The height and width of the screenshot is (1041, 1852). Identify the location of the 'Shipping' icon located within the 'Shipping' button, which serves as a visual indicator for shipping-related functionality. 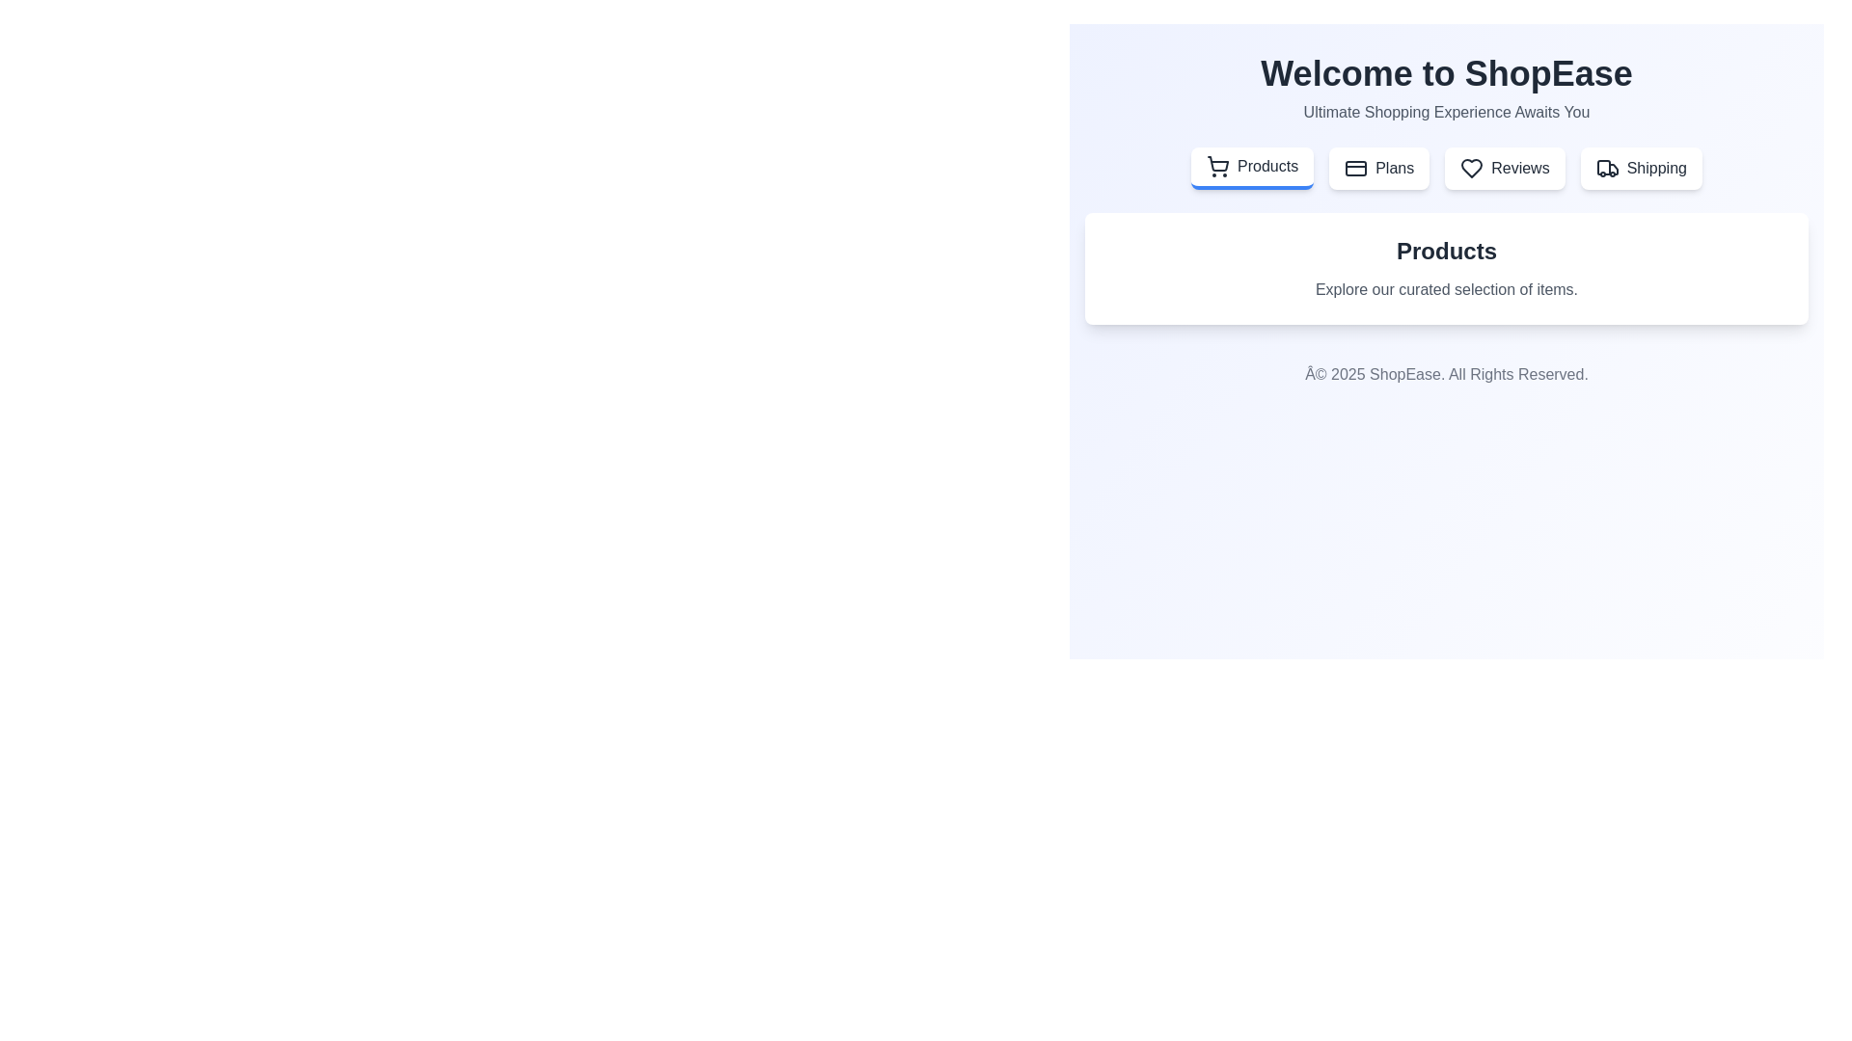
(1607, 167).